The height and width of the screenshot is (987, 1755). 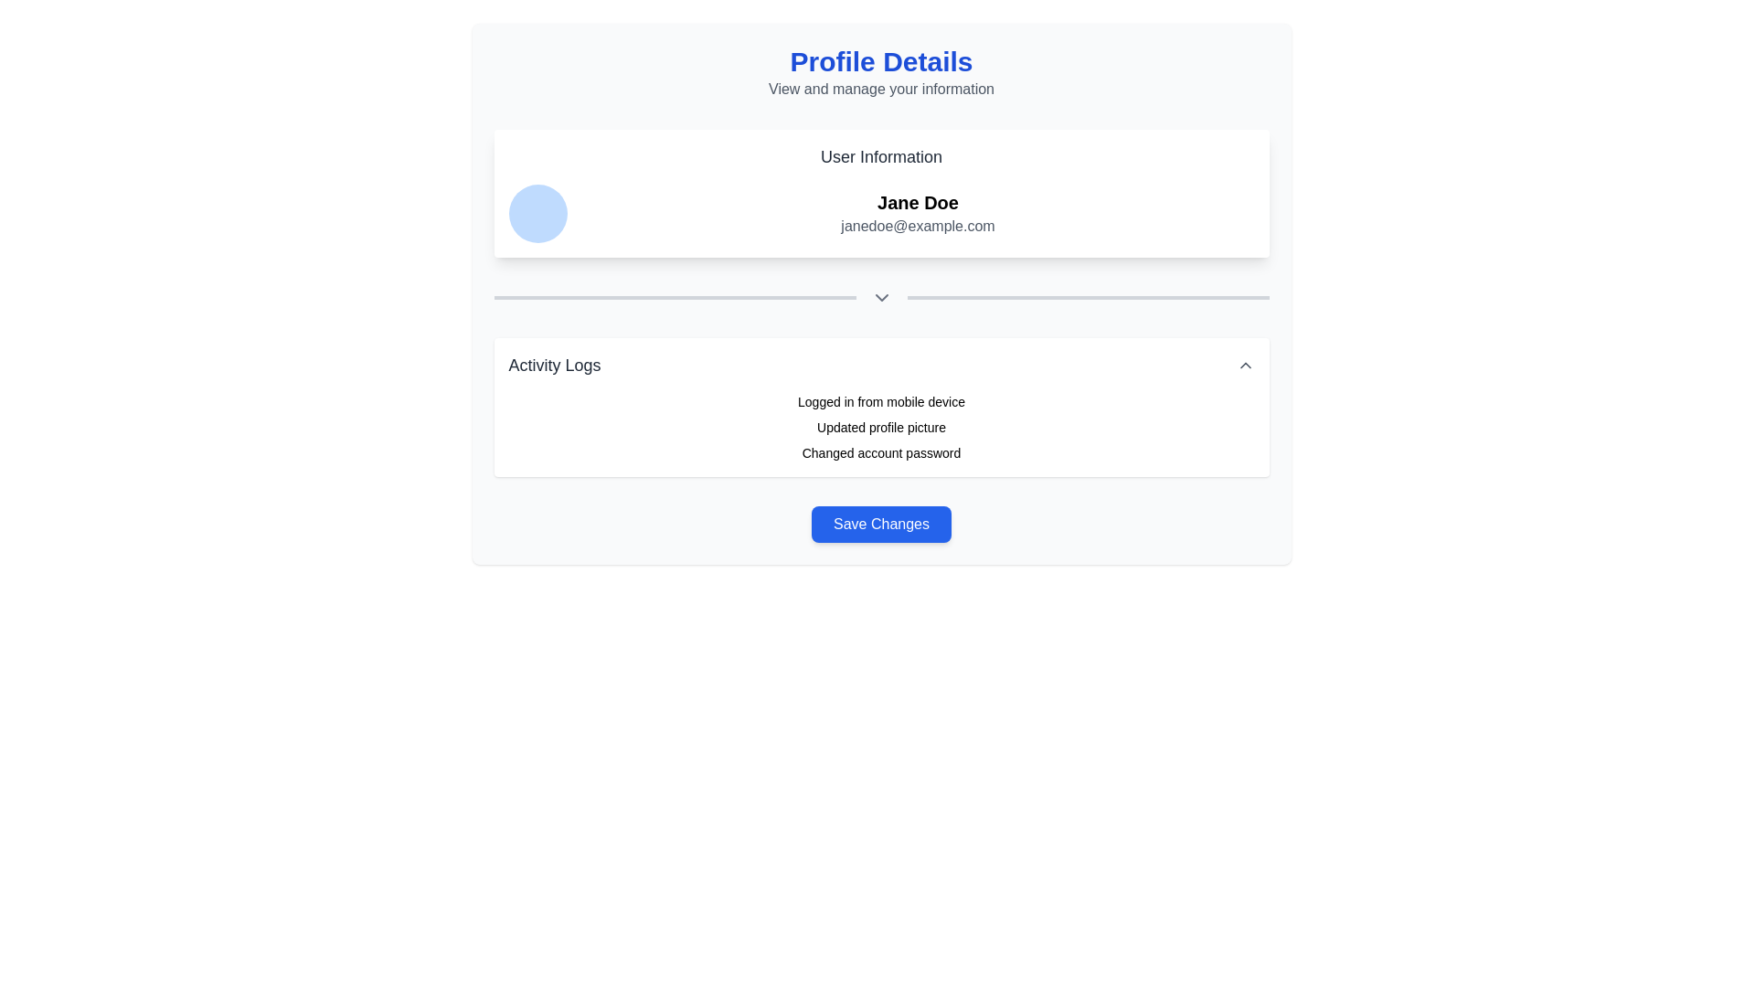 What do you see at coordinates (881, 297) in the screenshot?
I see `the decorative boundary and icon located in the middle section of the interface, beneath the 'User Information' section and before the 'Activity Logs' section` at bounding box center [881, 297].